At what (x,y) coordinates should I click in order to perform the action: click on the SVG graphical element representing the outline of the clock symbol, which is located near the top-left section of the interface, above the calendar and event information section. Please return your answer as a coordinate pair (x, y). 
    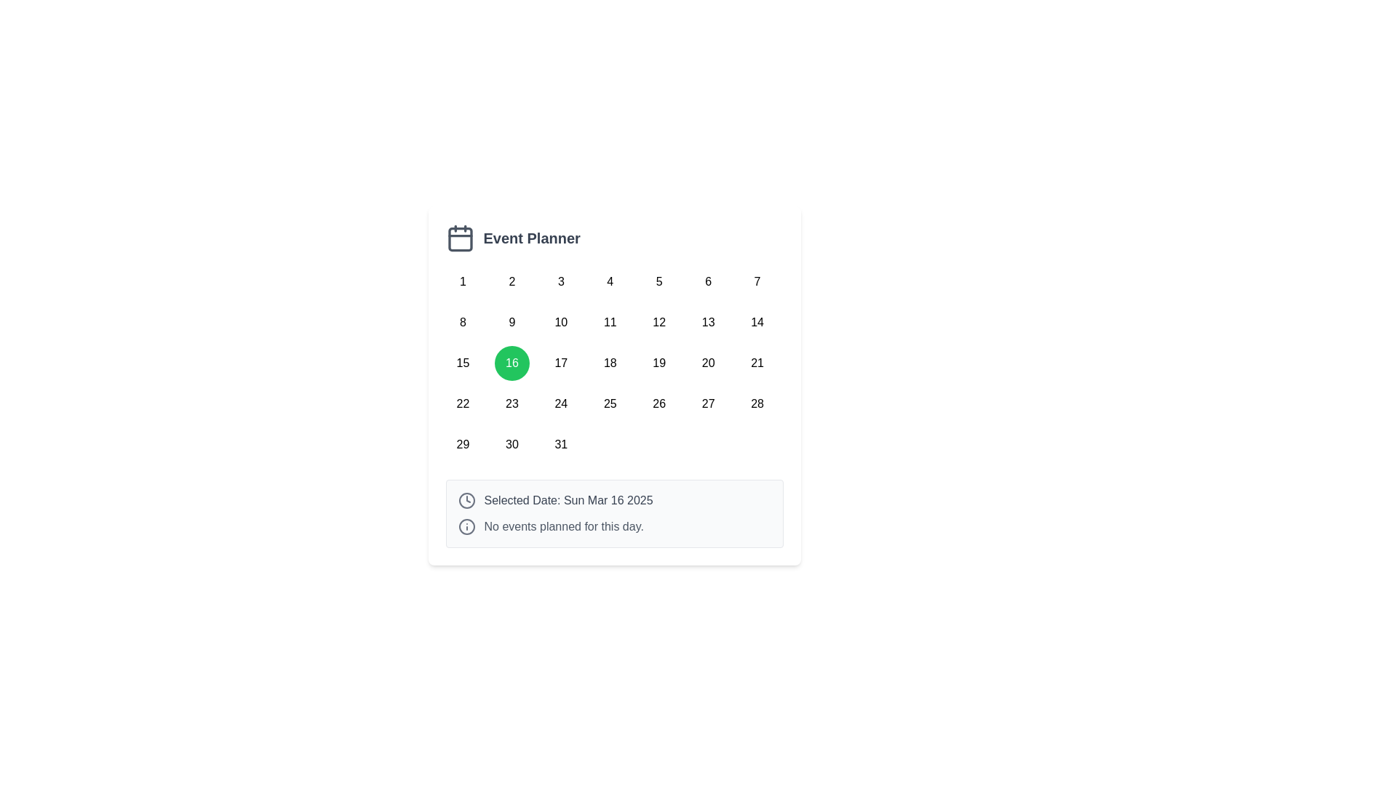
    Looking at the image, I should click on (466, 500).